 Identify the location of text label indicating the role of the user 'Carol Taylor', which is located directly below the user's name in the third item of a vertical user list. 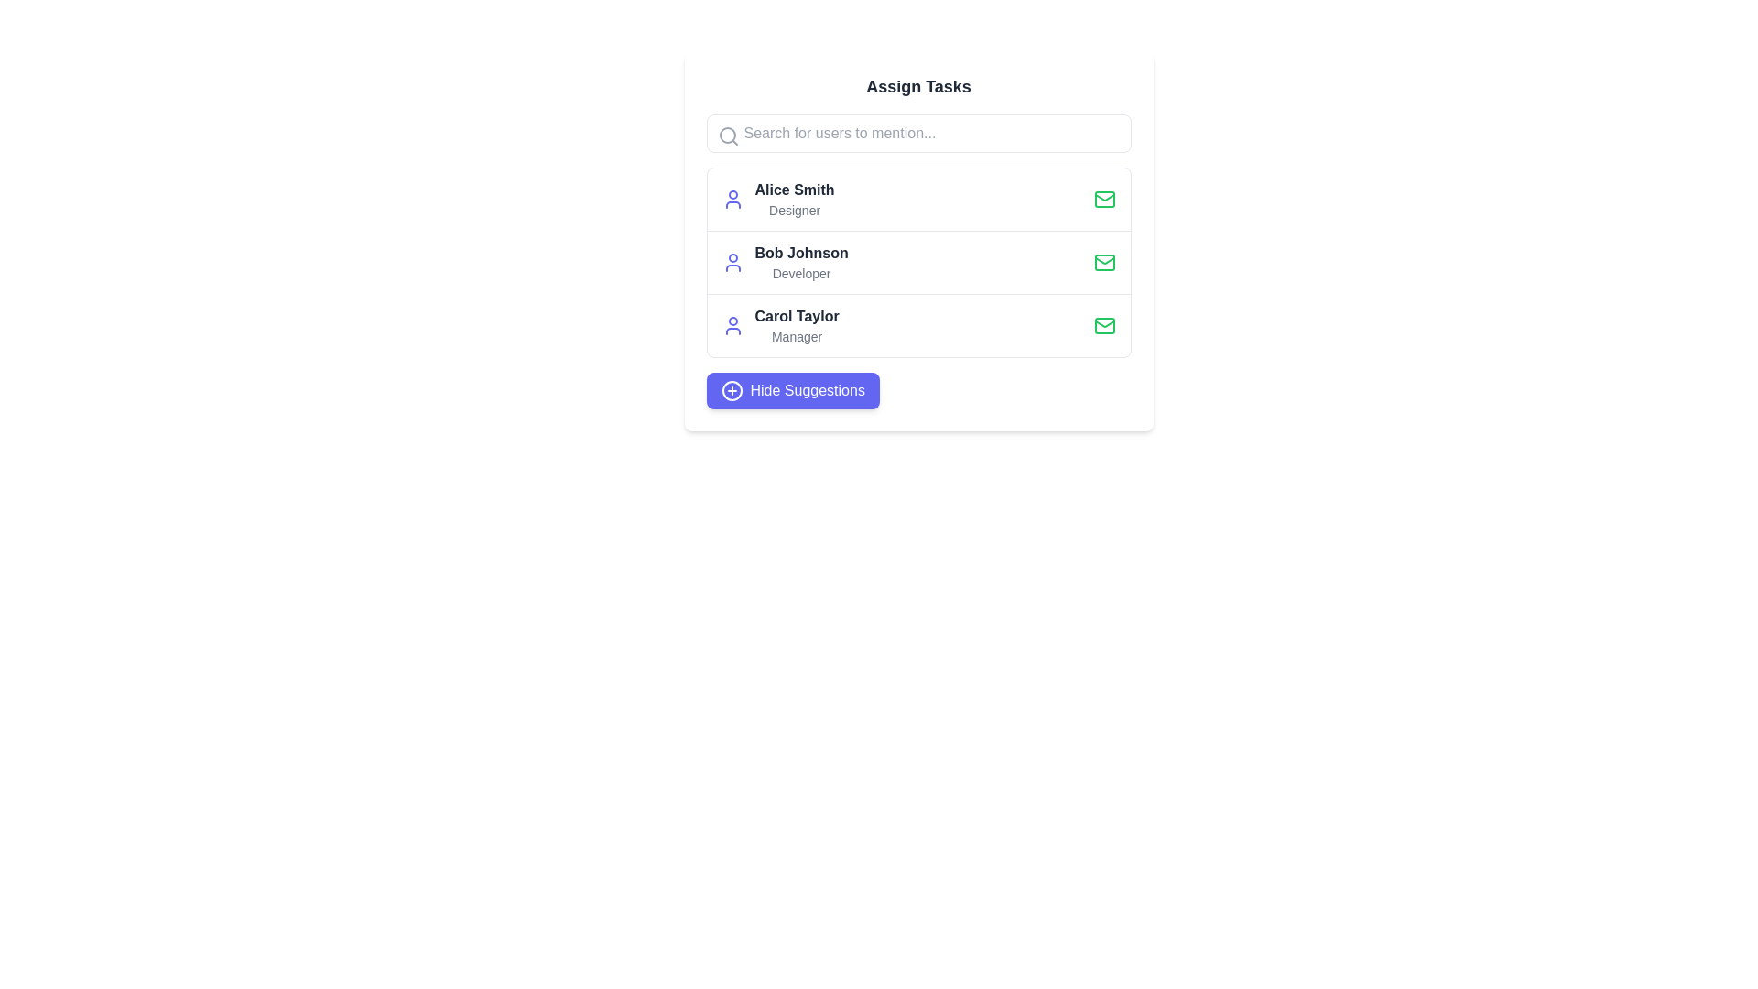
(797, 336).